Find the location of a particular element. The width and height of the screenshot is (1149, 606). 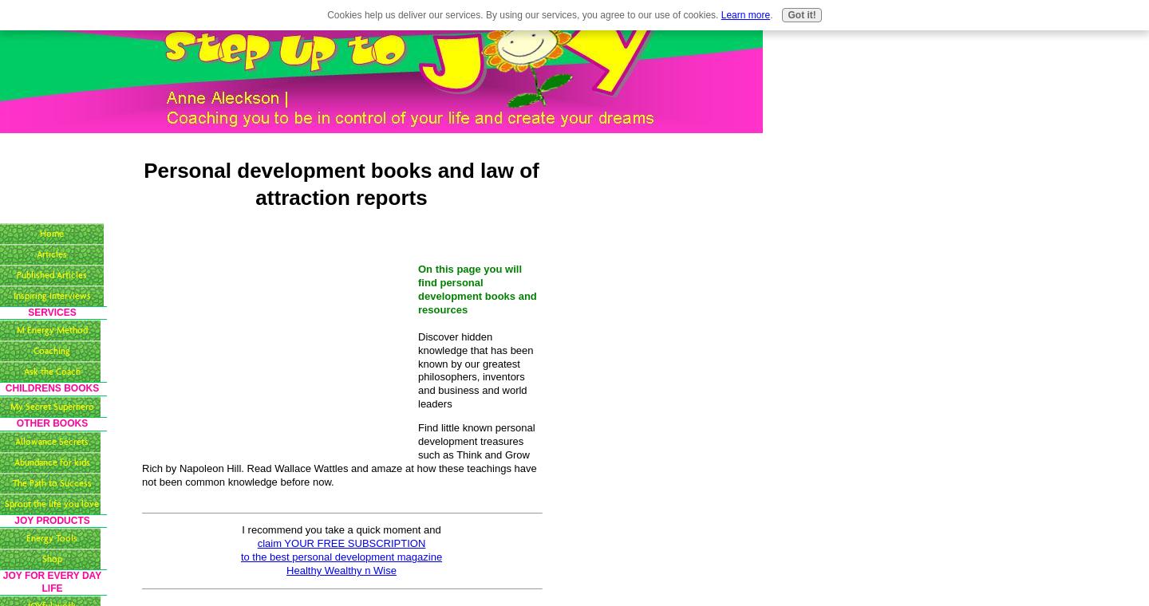

'OTHER BOOKS' is located at coordinates (51, 423).